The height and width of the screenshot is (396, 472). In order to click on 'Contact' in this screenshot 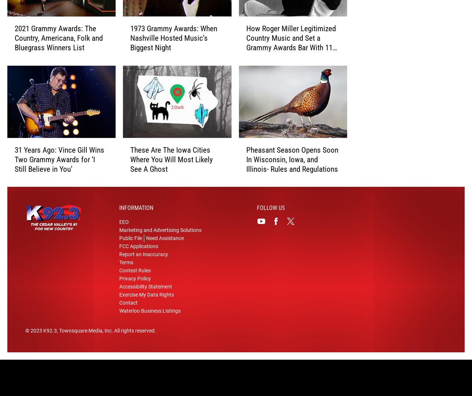, I will do `click(128, 315)`.